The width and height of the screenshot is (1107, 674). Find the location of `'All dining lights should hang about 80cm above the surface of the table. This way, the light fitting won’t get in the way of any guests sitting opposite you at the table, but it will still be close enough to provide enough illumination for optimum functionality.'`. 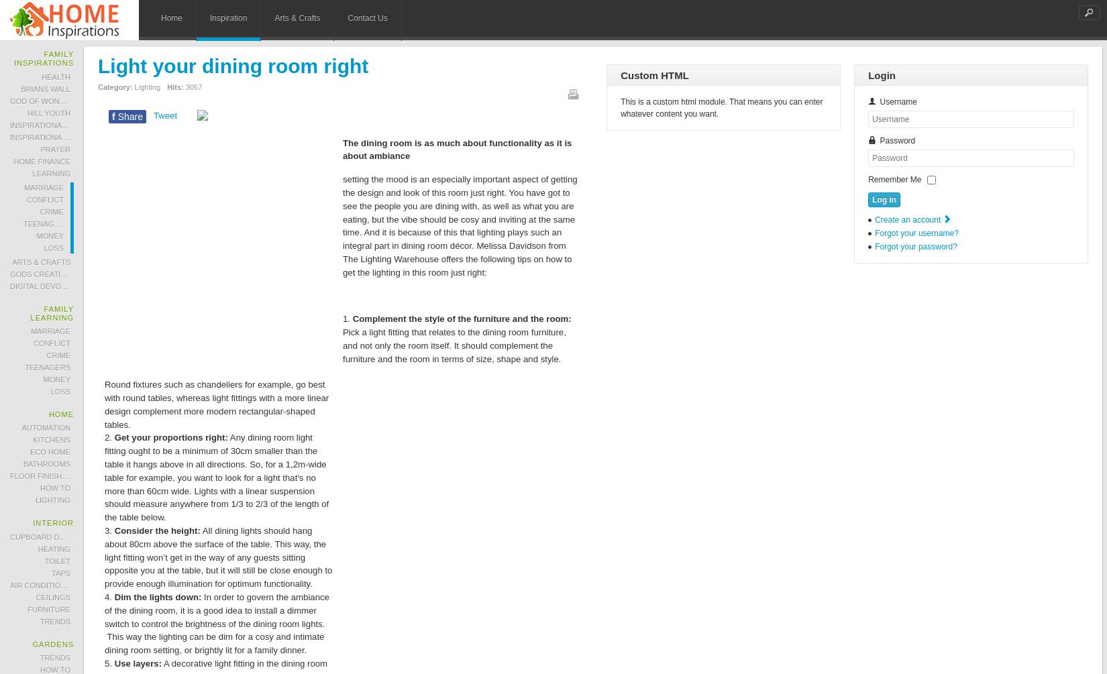

'All dining lights should hang about 80cm above the surface of the table. This way, the light fitting won’t get in the way of any guests sitting opposite you at the table, but it will still be close enough to provide enough illumination for optimum functionality.' is located at coordinates (104, 557).